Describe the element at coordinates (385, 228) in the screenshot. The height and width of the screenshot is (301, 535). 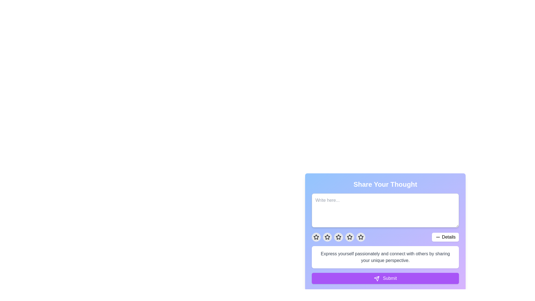
I see `one of the star icons in the Interactive rating component` at that location.